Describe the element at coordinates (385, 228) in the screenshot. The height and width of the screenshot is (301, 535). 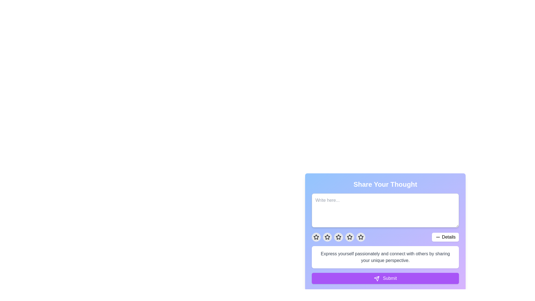
I see `one of the star icons in the Interactive rating component` at that location.